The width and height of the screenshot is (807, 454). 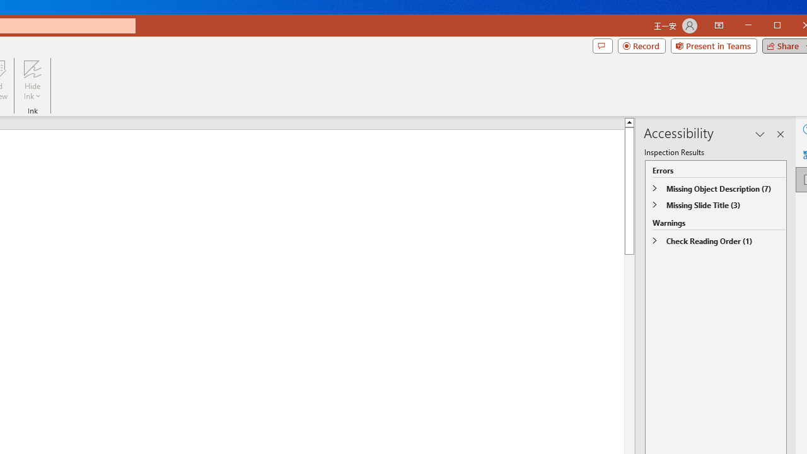 What do you see at coordinates (32, 91) in the screenshot?
I see `'More Options'` at bounding box center [32, 91].